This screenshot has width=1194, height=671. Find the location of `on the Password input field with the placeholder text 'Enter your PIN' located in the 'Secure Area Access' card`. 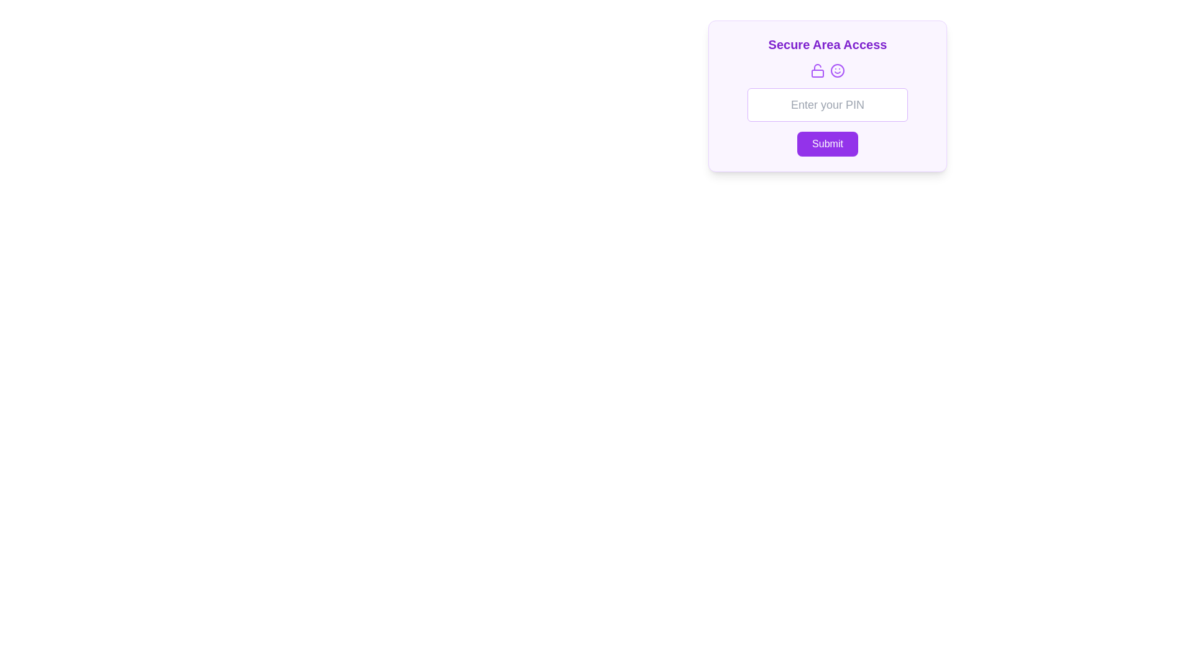

on the Password input field with the placeholder text 'Enter your PIN' located in the 'Secure Area Access' card is located at coordinates (827, 104).